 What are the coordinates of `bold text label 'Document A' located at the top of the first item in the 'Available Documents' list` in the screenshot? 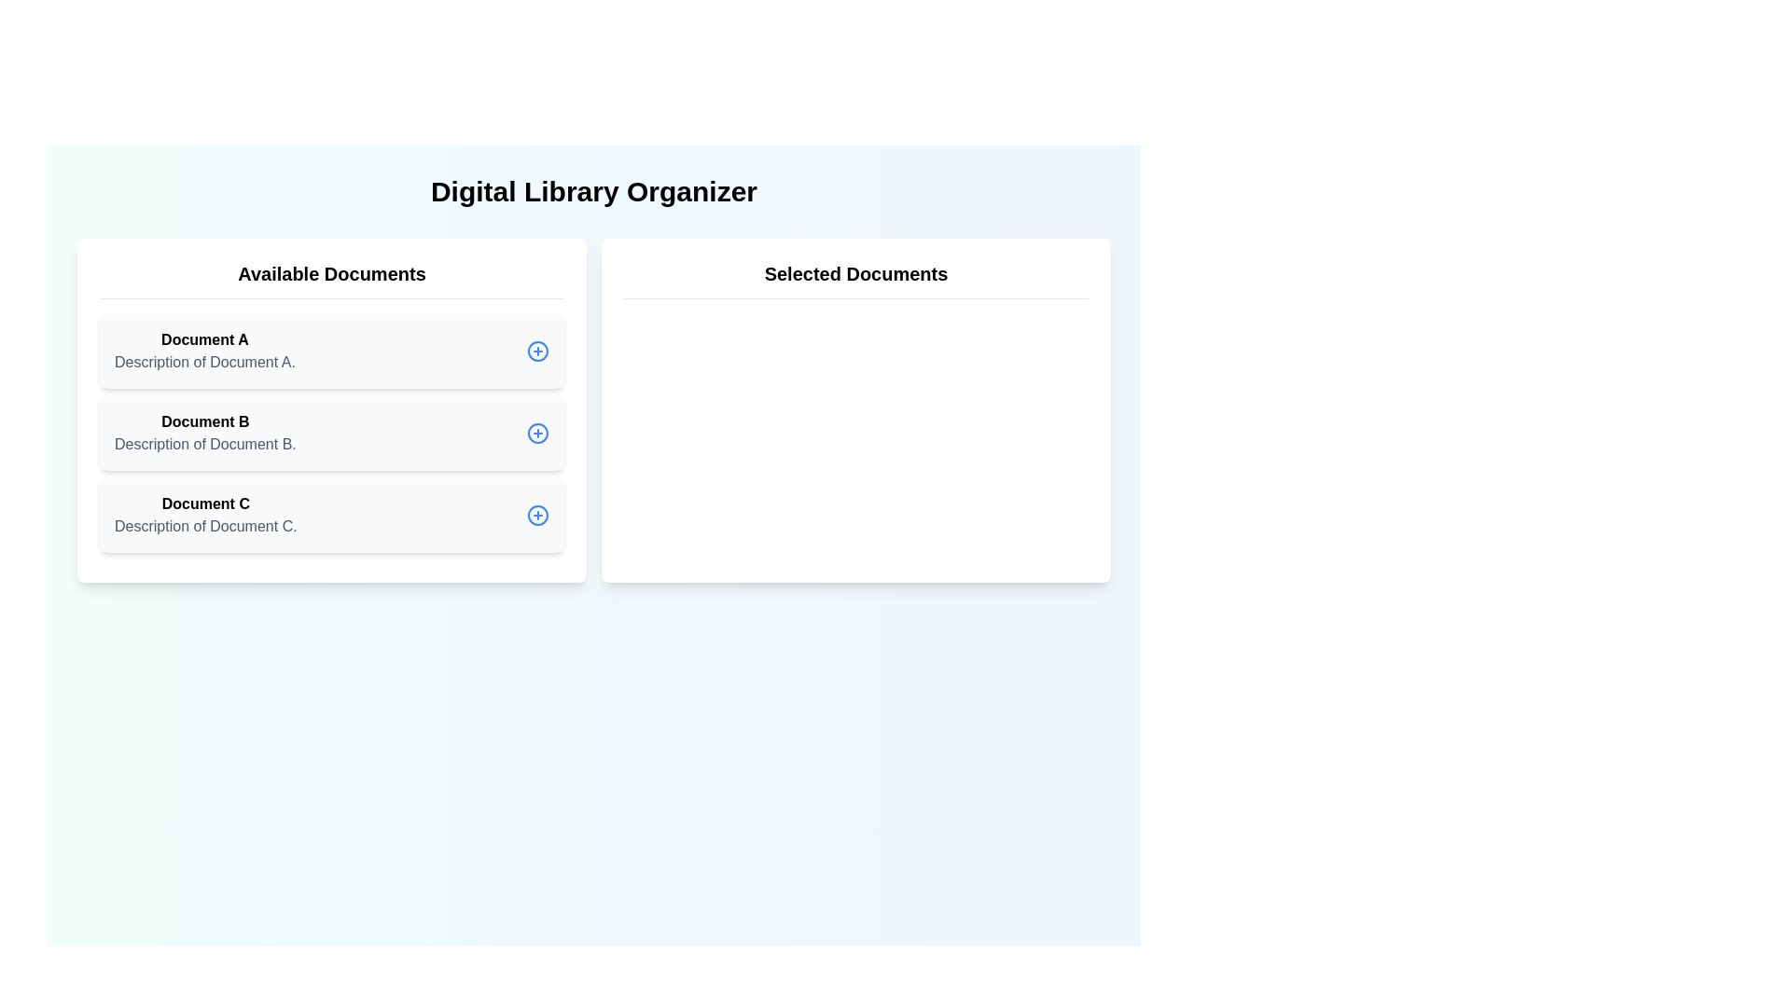 It's located at (205, 340).